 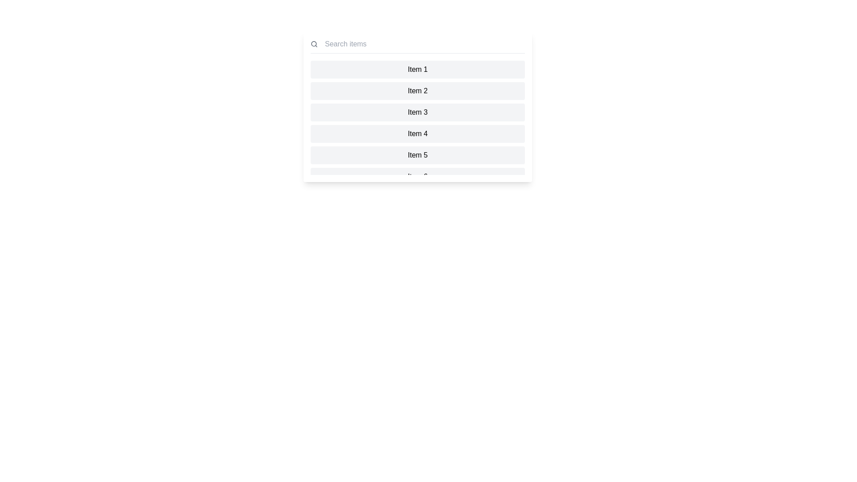 I want to click on the item 4 to highlight it, so click(x=417, y=134).